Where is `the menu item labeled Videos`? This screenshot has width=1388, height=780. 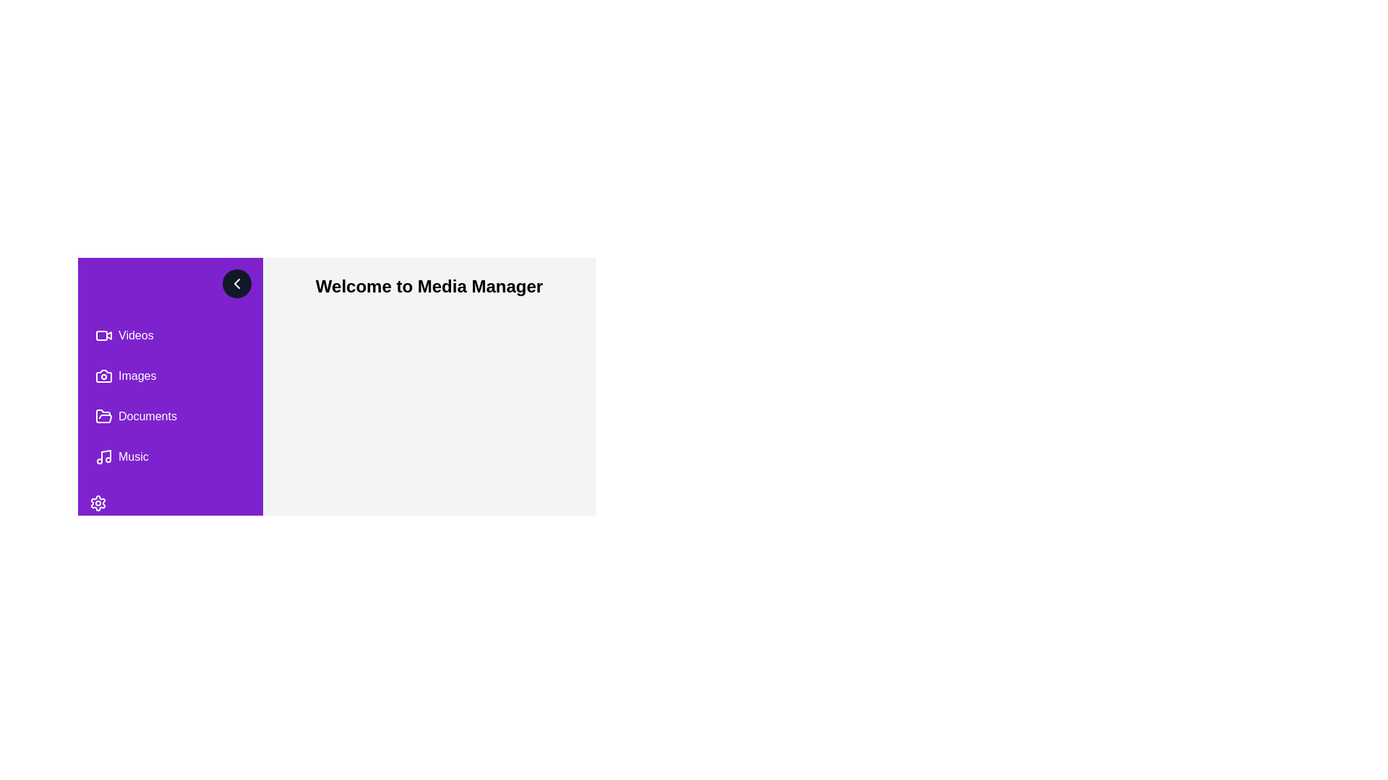 the menu item labeled Videos is located at coordinates (170, 336).